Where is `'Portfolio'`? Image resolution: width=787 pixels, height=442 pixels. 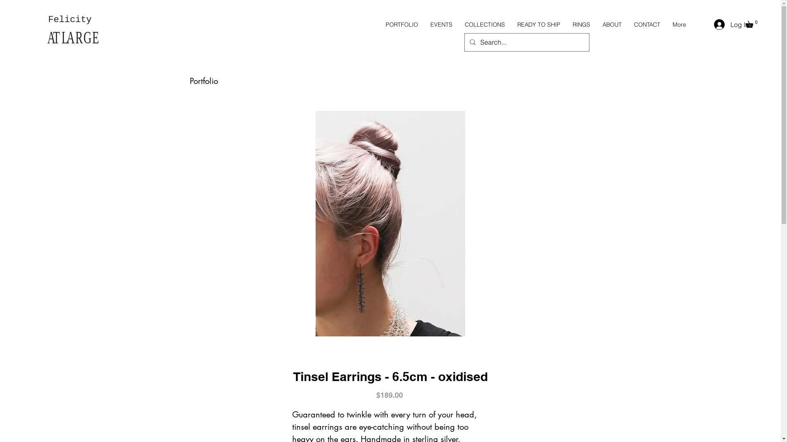
'Portfolio' is located at coordinates (203, 81).